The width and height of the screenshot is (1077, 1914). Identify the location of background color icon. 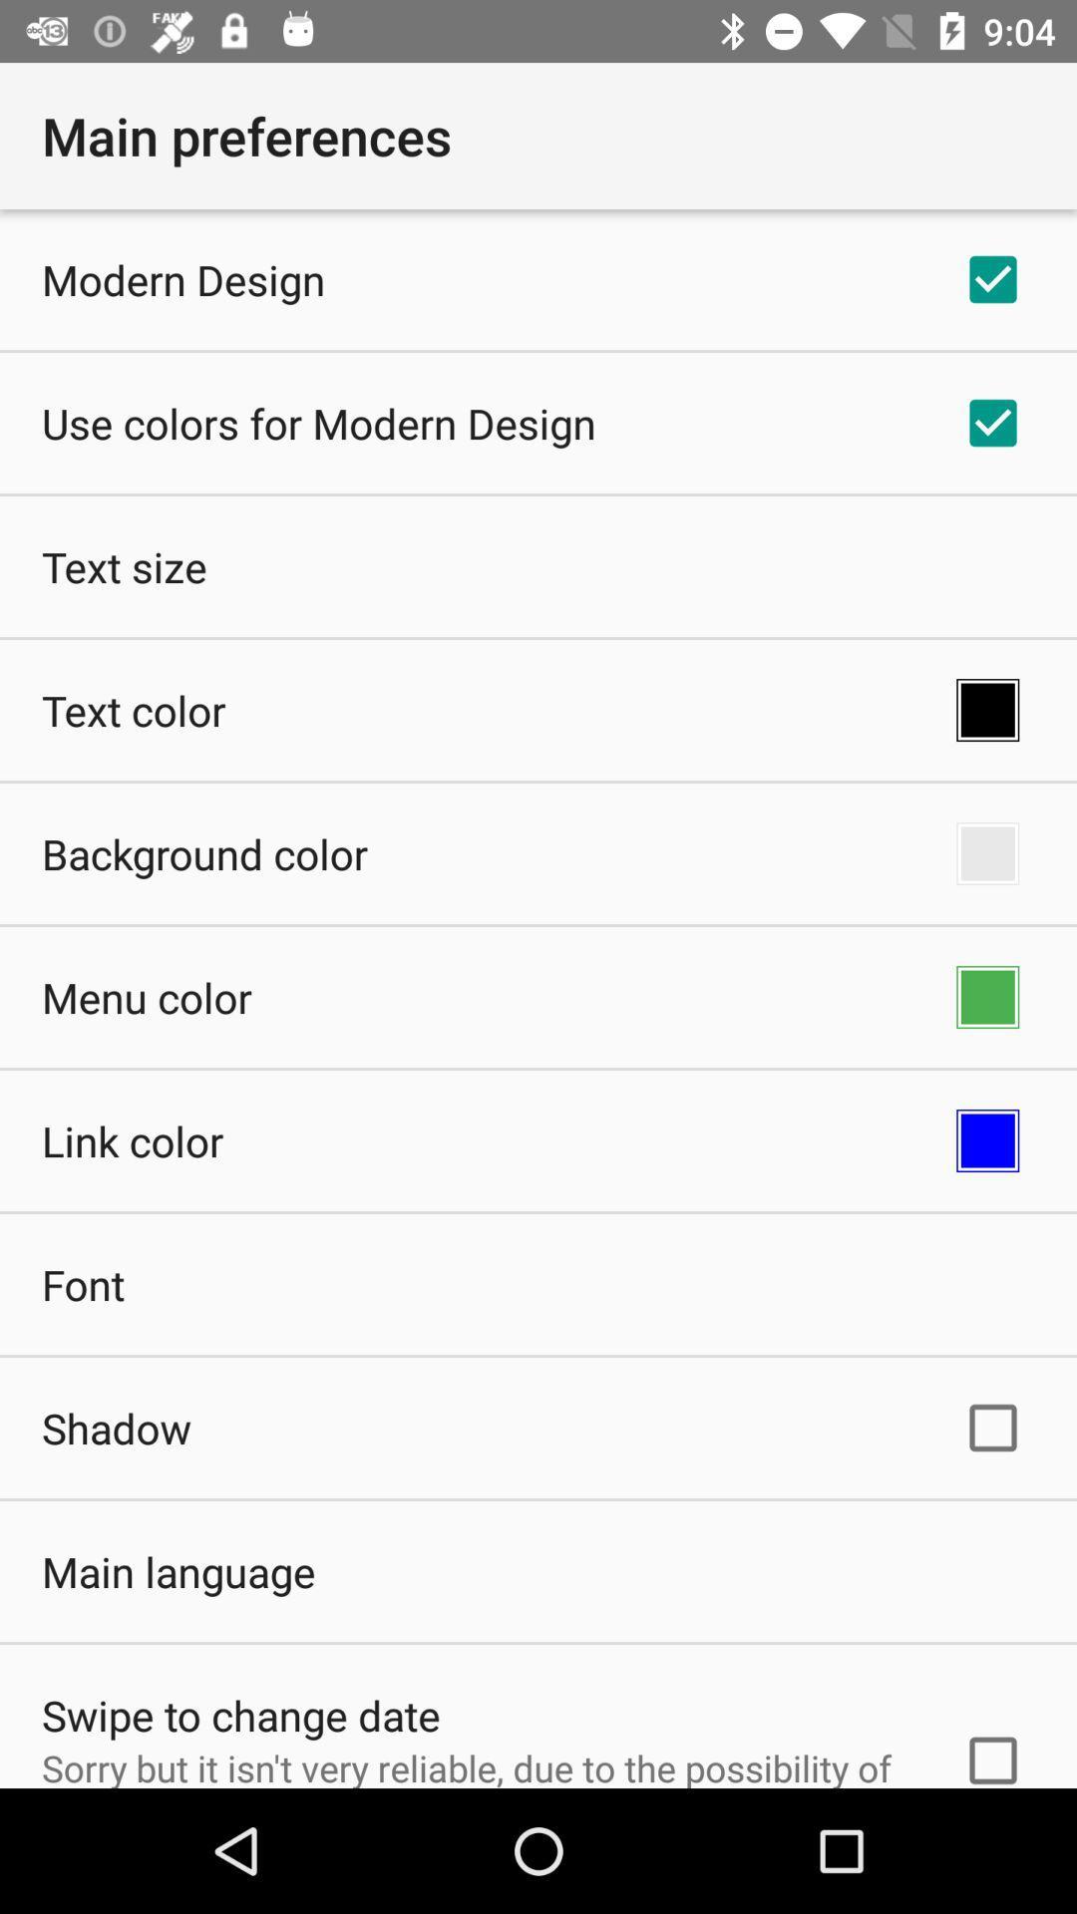
(204, 853).